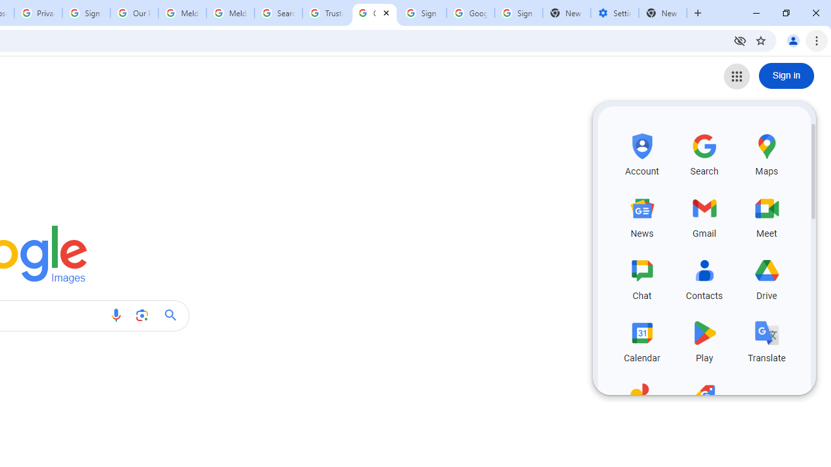 Image resolution: width=831 pixels, height=467 pixels. What do you see at coordinates (327, 13) in the screenshot?
I see `'Trusted Information and Content - Google Safety Center'` at bounding box center [327, 13].